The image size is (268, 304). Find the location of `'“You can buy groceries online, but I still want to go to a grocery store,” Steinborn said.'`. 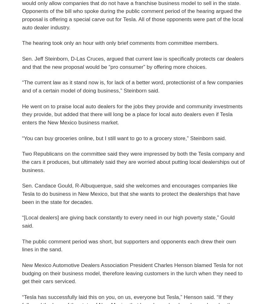

'“You can buy groceries online, but I still want to go to a grocery store,” Steinborn said.' is located at coordinates (124, 138).